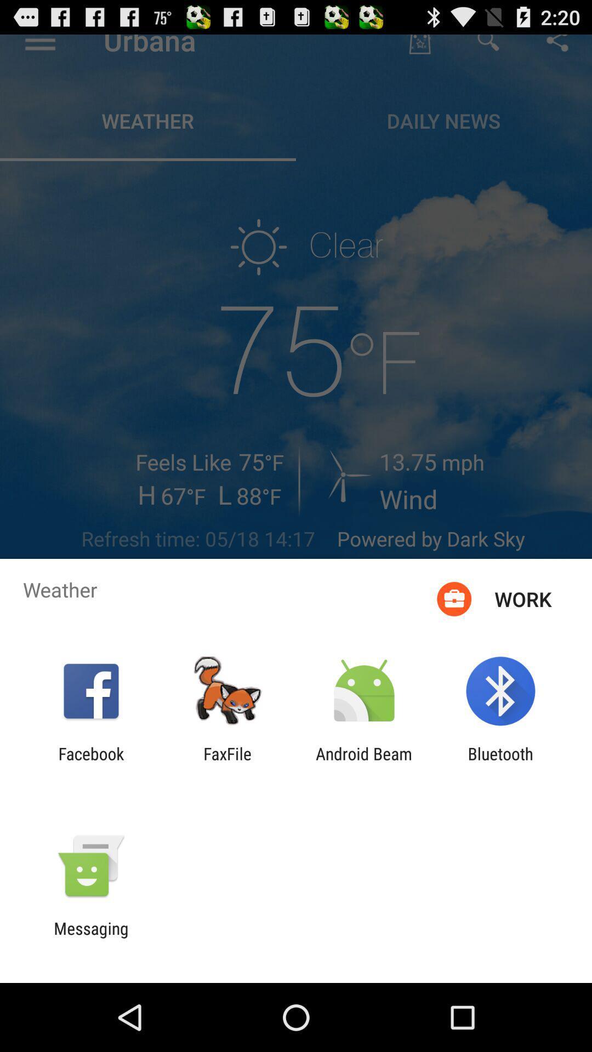  What do you see at coordinates (227, 763) in the screenshot?
I see `faxfile app` at bounding box center [227, 763].